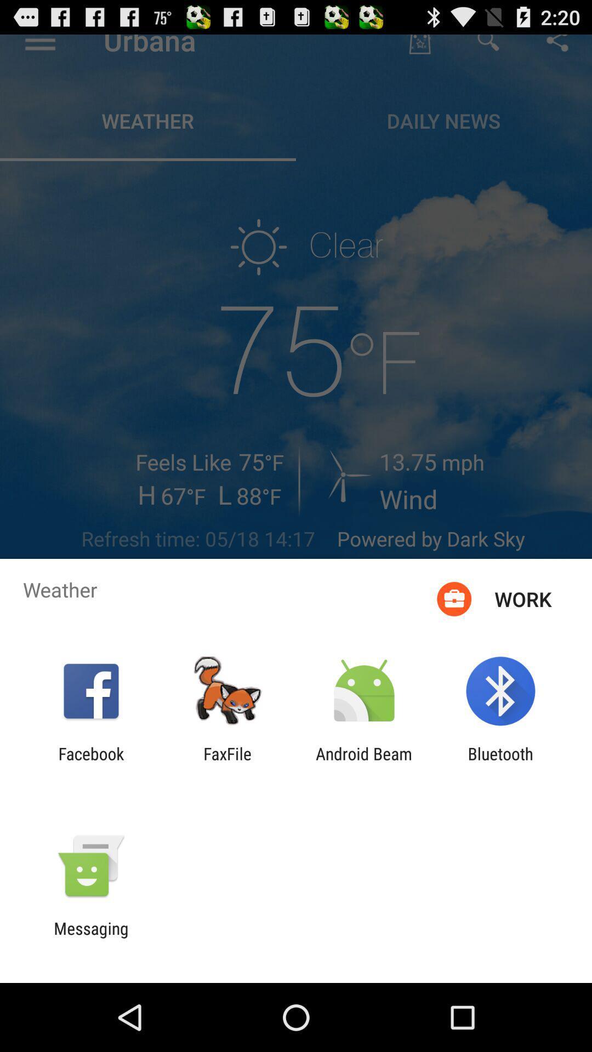  What do you see at coordinates (227, 763) in the screenshot?
I see `faxfile app` at bounding box center [227, 763].